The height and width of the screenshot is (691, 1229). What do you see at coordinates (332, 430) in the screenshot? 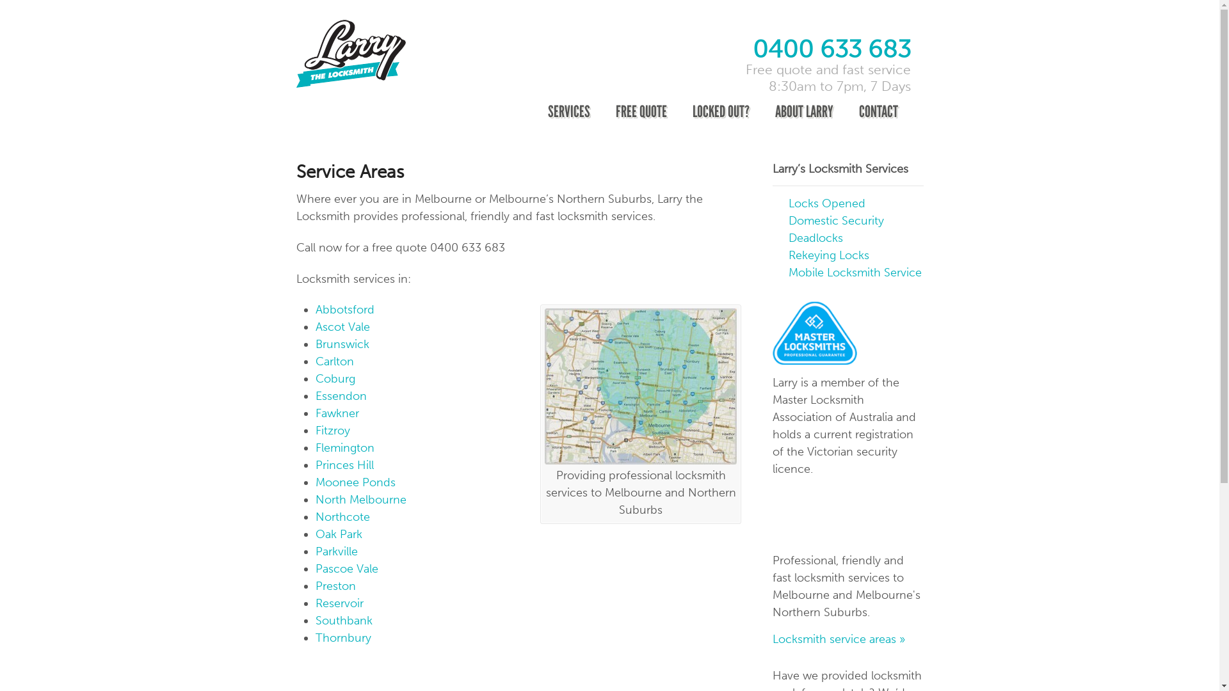
I see `'Fitzroy'` at bounding box center [332, 430].